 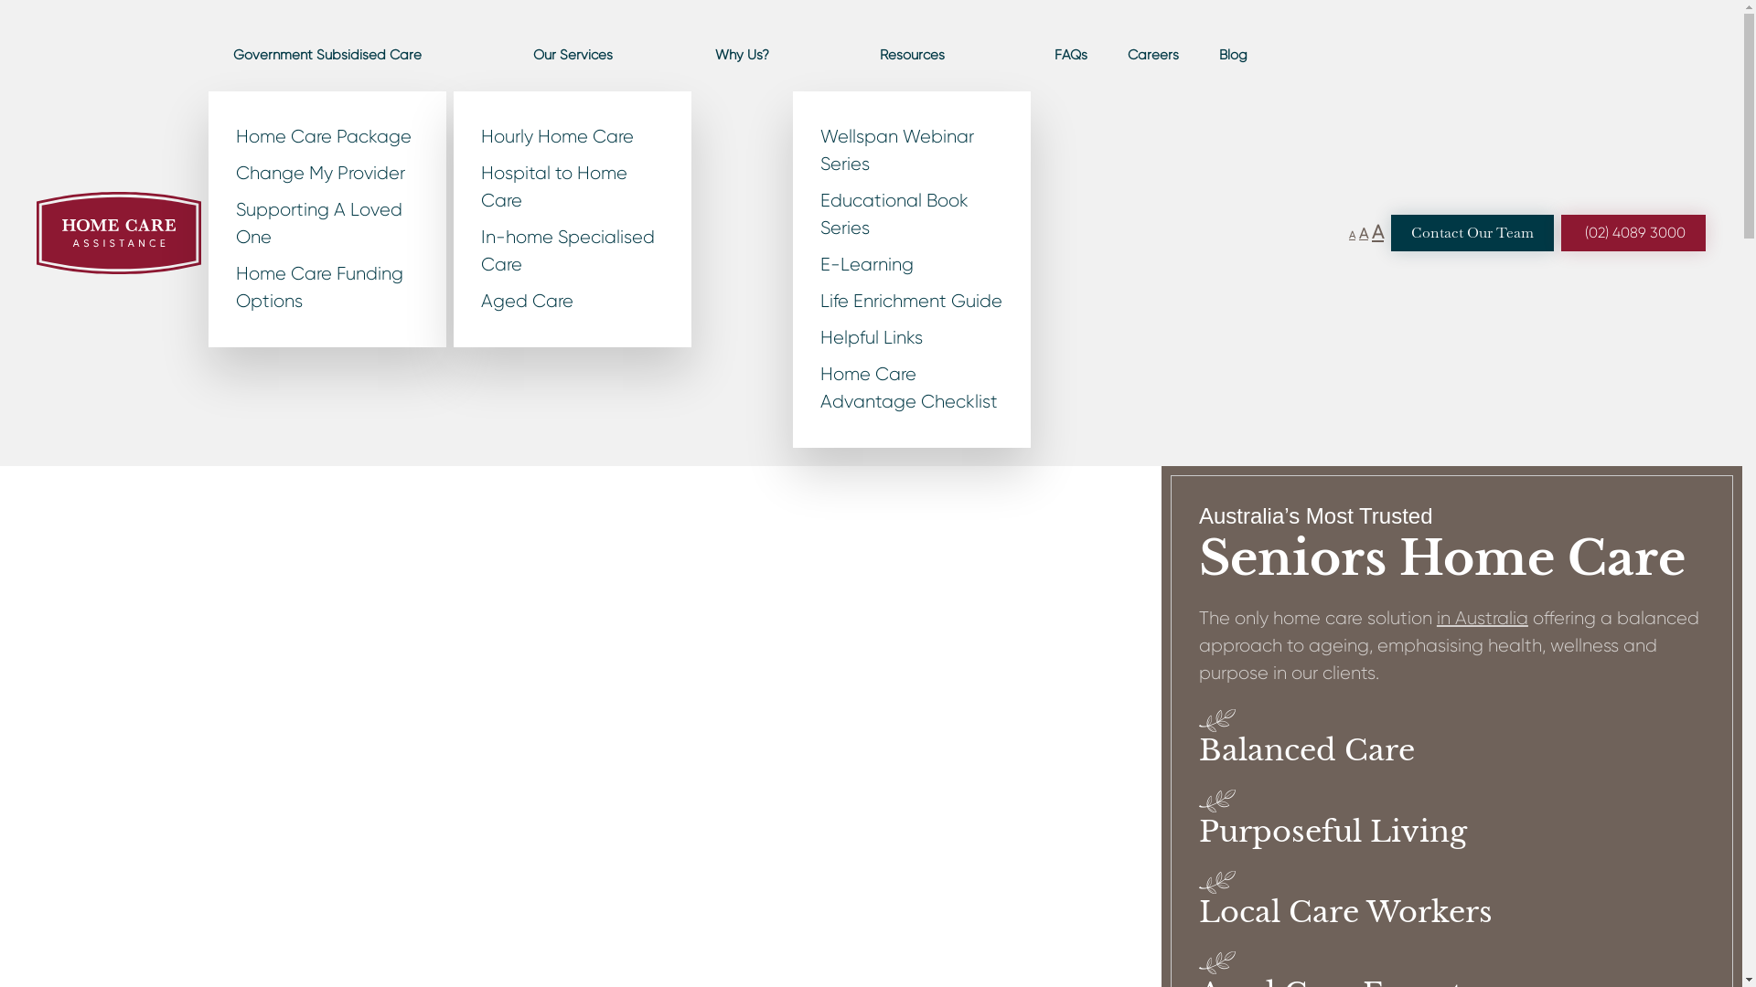 What do you see at coordinates (1377, 231) in the screenshot?
I see `'A` at bounding box center [1377, 231].